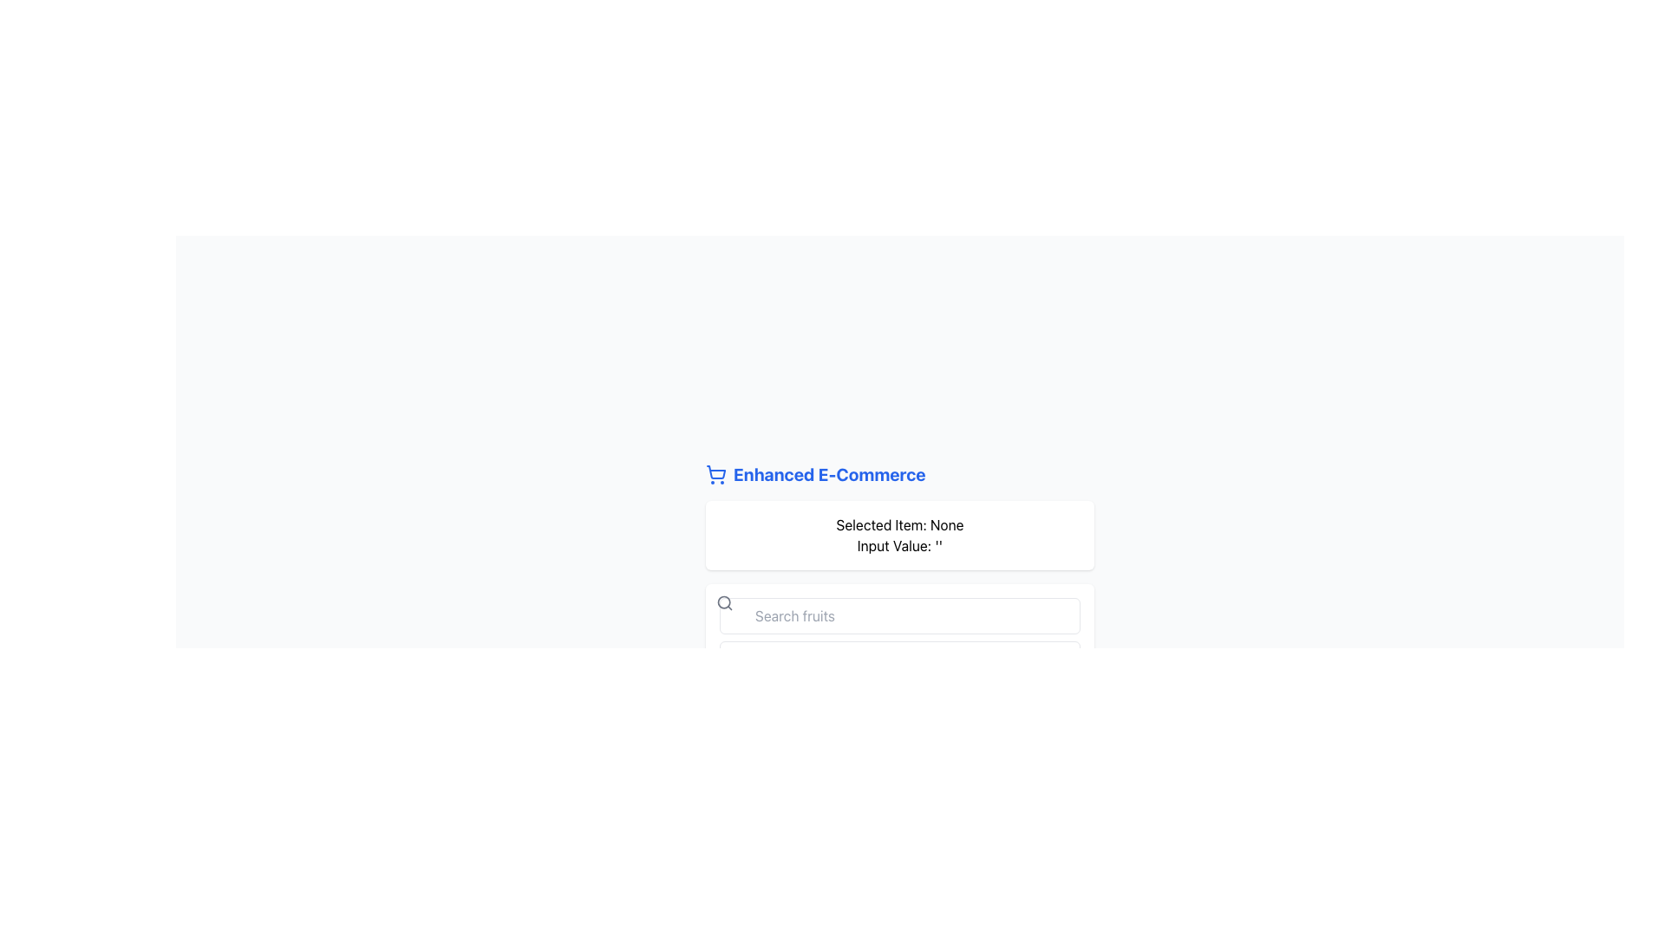  What do you see at coordinates (899, 534) in the screenshot?
I see `the Information Display Box that has a white background with rounded corners, displaying 'Selected Item: None' and 'Input Value: ''` at bounding box center [899, 534].